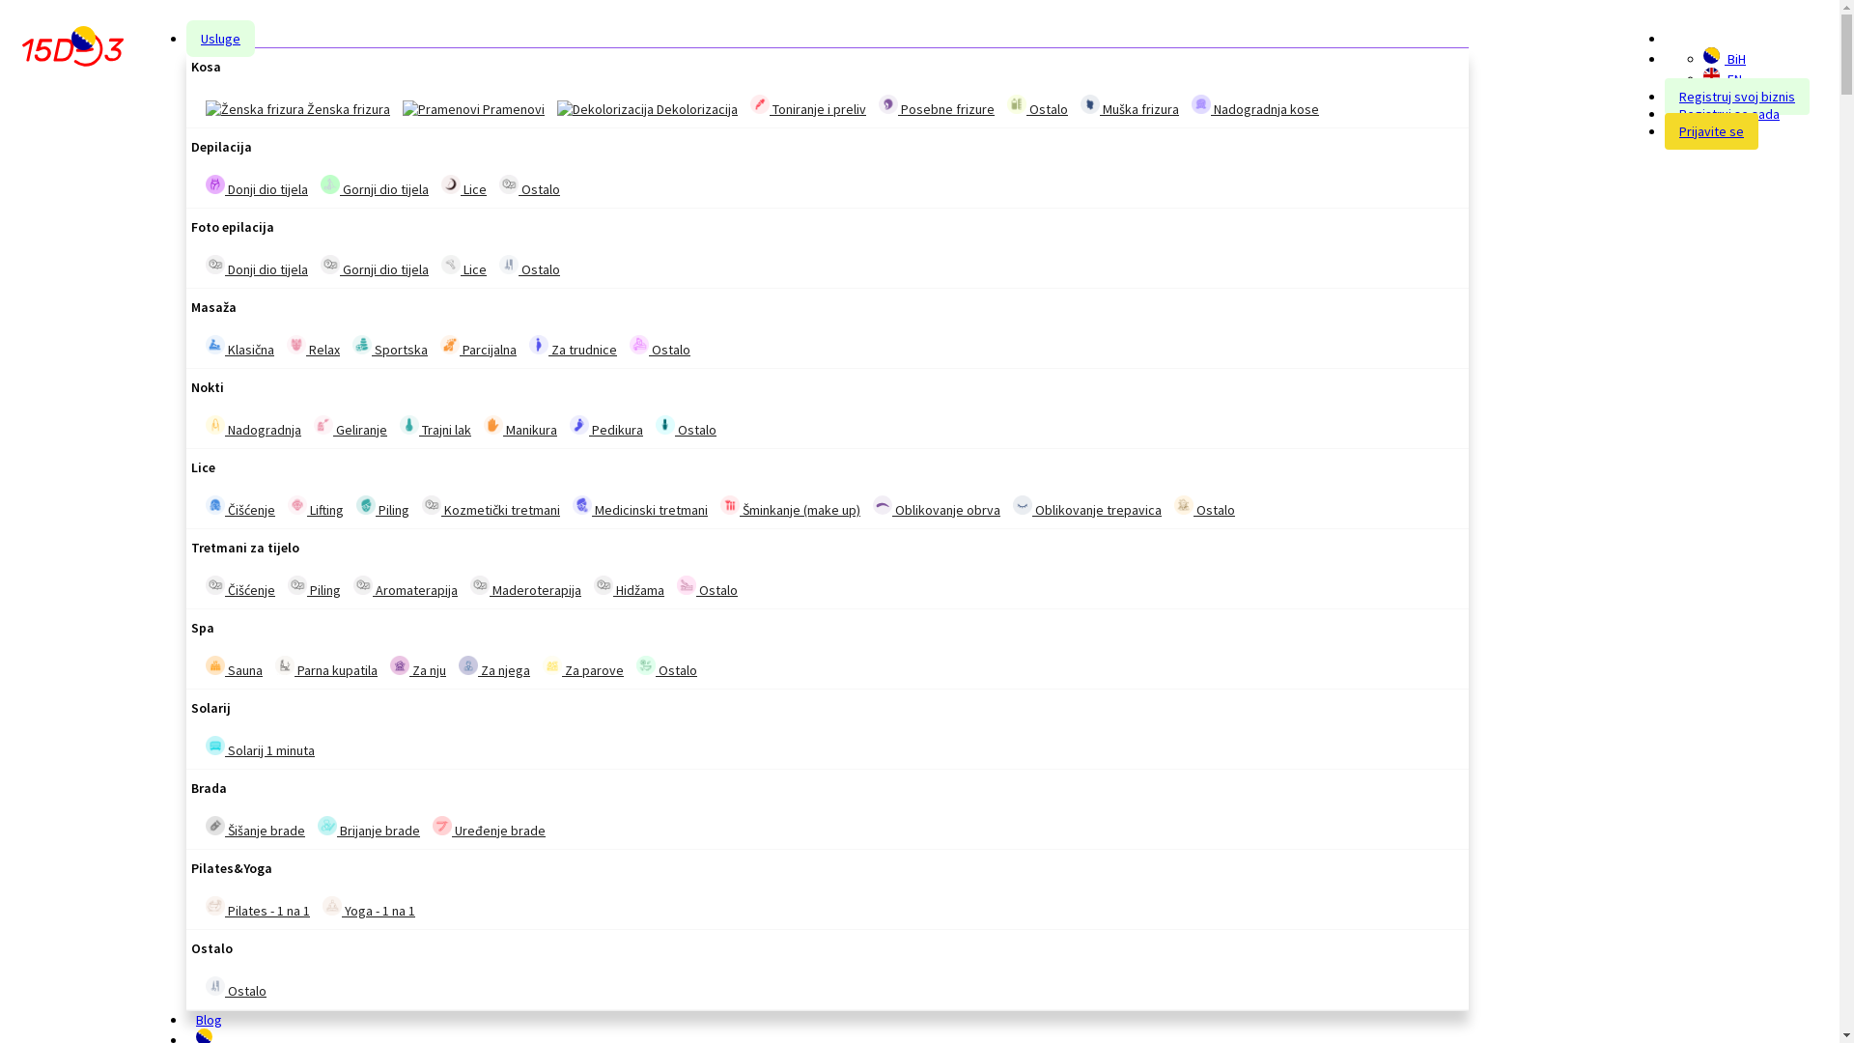 The height and width of the screenshot is (1043, 1854). Describe the element at coordinates (200, 665) in the screenshot. I see `'Sauna'` at that location.